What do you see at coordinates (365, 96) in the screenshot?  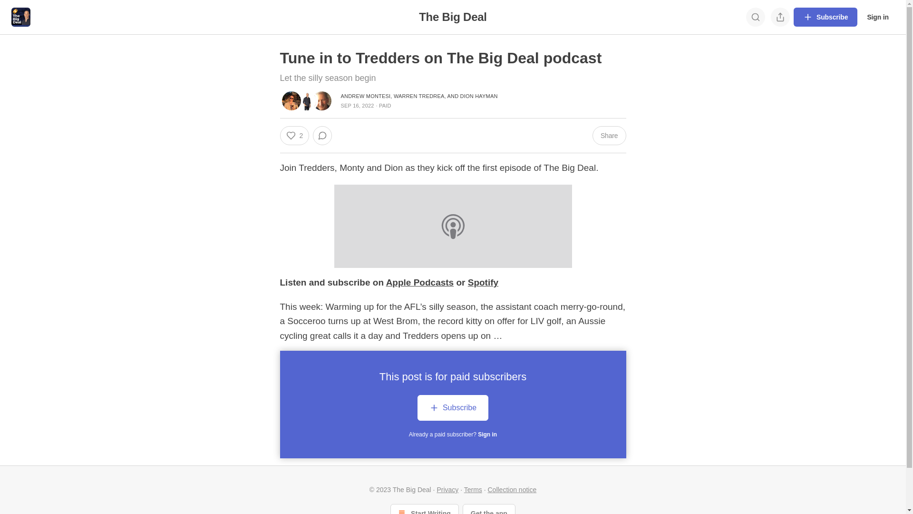 I see `'ANDREW MONTESI'` at bounding box center [365, 96].